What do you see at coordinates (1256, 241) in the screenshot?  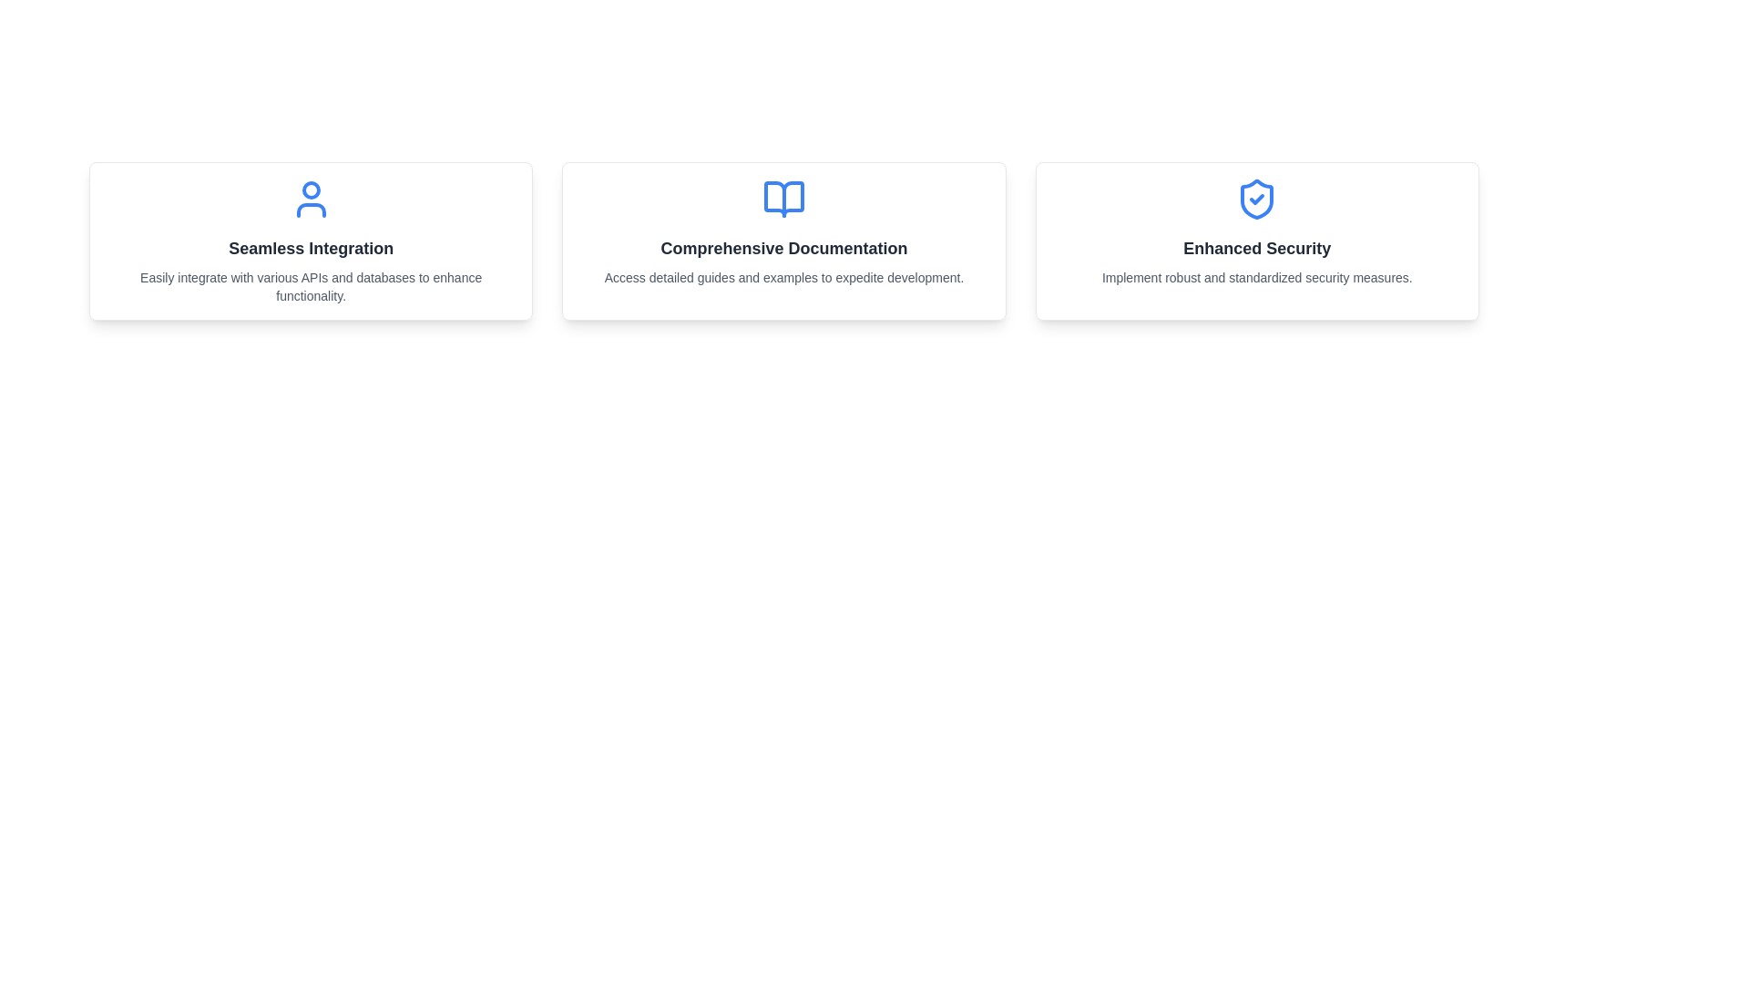 I see `the Information card that provides details about enhanced security capabilities, located in the rightmost column of the UI grid layout` at bounding box center [1256, 241].